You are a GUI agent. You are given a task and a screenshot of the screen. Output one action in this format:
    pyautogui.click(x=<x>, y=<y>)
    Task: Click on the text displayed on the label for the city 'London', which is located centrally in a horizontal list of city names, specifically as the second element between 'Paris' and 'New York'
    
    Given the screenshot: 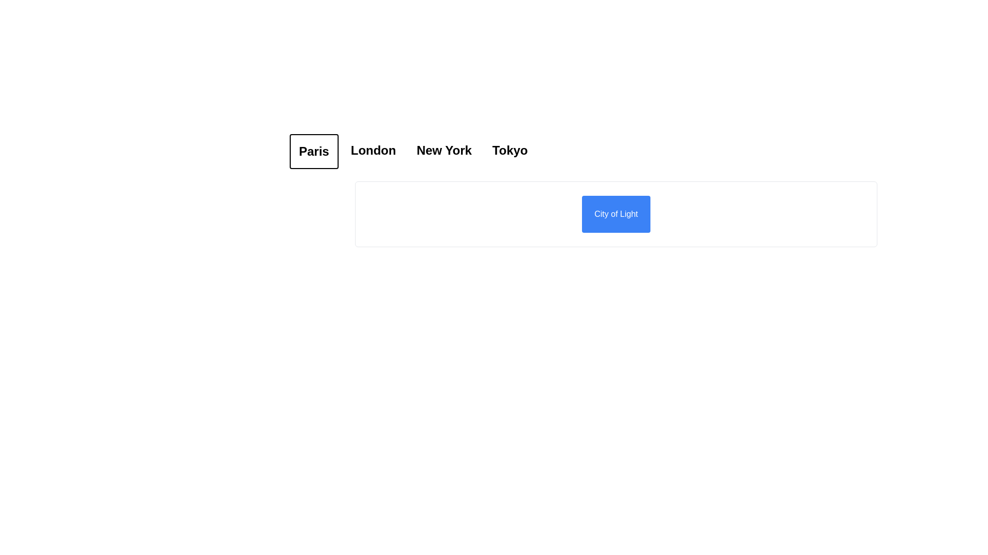 What is the action you would take?
    pyautogui.click(x=373, y=151)
    